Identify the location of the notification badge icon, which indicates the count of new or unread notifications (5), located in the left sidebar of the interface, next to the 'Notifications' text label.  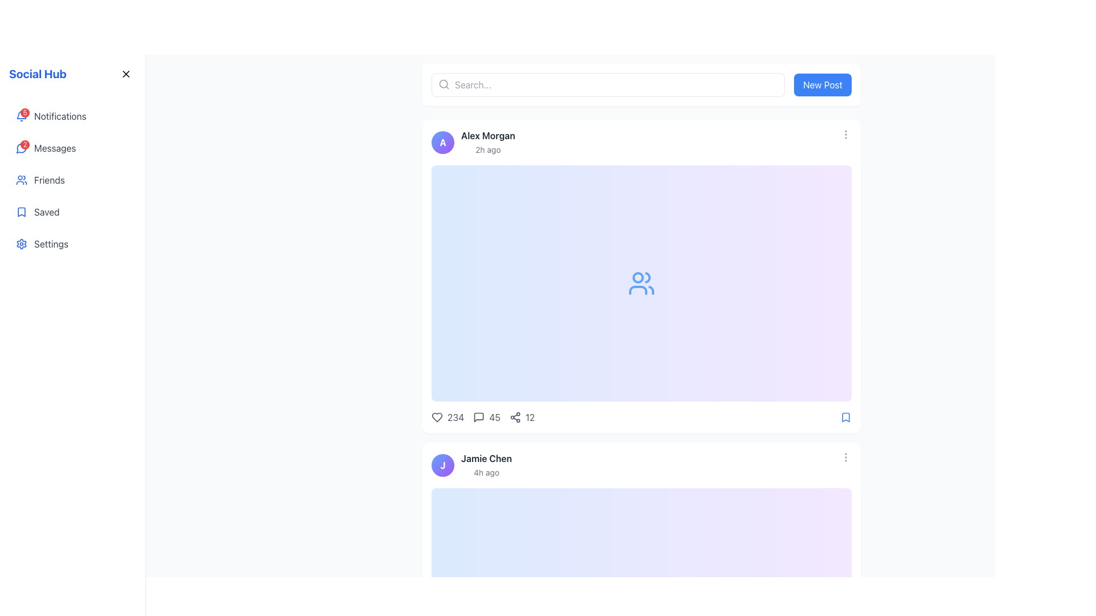
(22, 116).